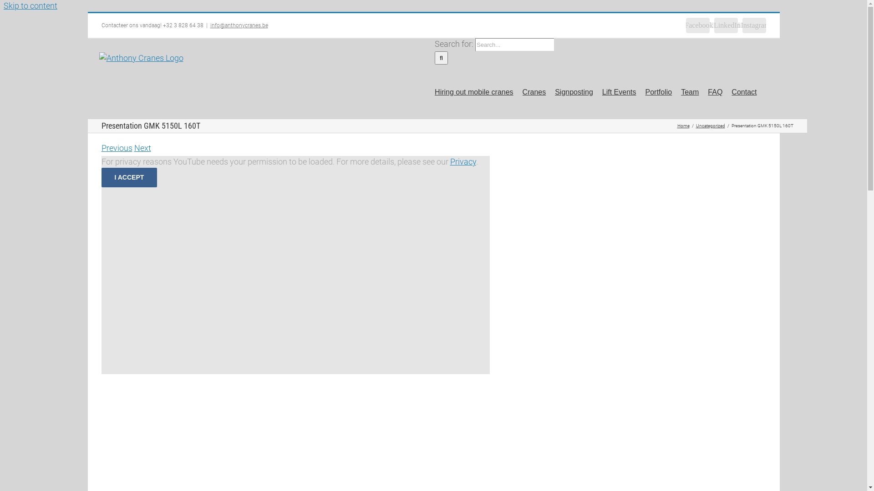  Describe the element at coordinates (744, 91) in the screenshot. I see `'Contact'` at that location.